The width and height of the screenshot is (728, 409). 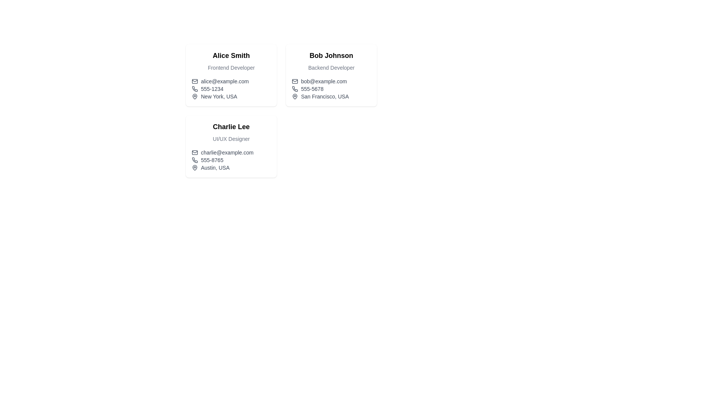 What do you see at coordinates (231, 96) in the screenshot?
I see `the Label with icon indicating the geographical location of Alice Smith, located at the bottom of her details card beneath the phone number '555-1234'` at bounding box center [231, 96].